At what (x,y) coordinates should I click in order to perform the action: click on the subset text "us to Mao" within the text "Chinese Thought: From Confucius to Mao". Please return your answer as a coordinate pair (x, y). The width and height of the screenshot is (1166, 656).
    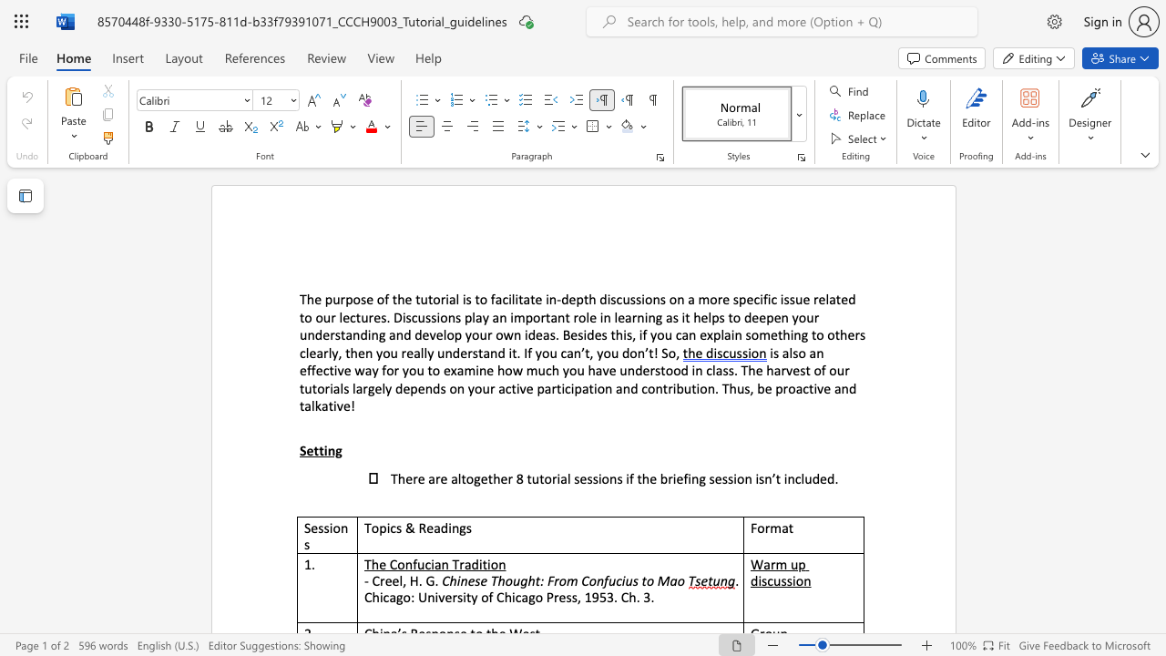
    Looking at the image, I should click on (625, 580).